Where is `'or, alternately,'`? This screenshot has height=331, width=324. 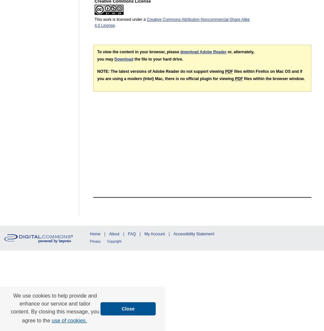
'or, alternately,' is located at coordinates (226, 52).